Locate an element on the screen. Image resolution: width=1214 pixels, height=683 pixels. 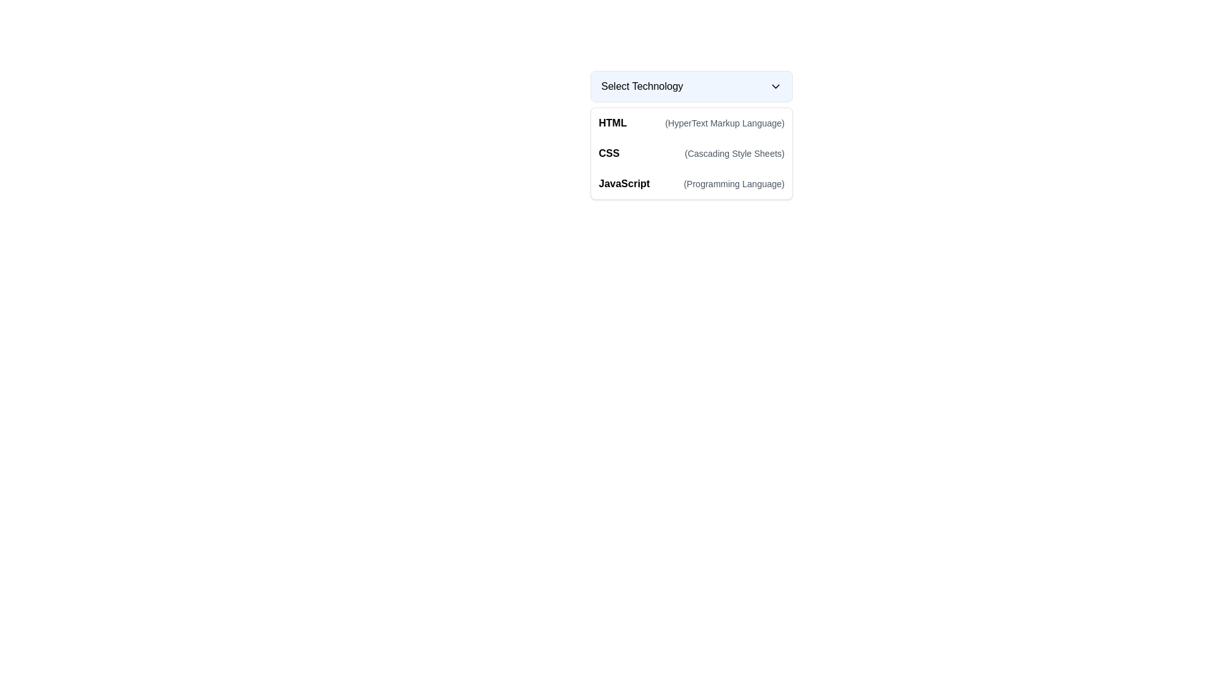
the static text label that denotes the 'HTML' option within the dropdown menu, positioned at the beginning of the first row and adjacent to '(HyperText Markup Language)' is located at coordinates (613, 123).